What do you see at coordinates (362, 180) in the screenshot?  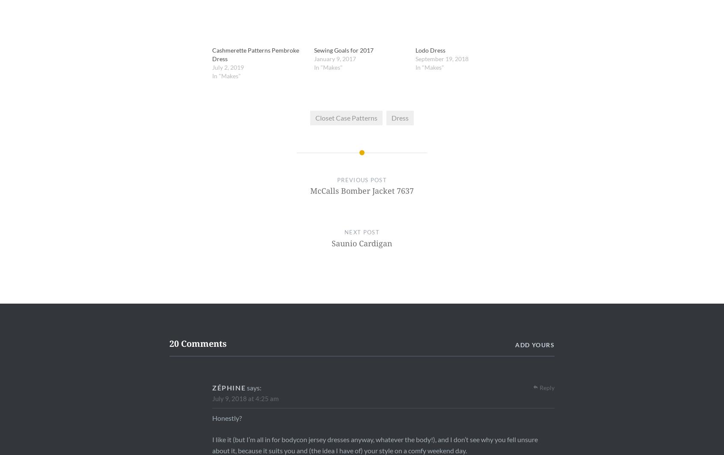 I see `'Previous Post'` at bounding box center [362, 180].